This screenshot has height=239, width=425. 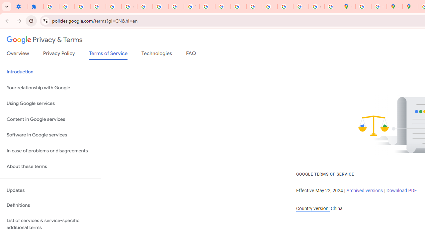 I want to click on 'About these terms', so click(x=50, y=166).